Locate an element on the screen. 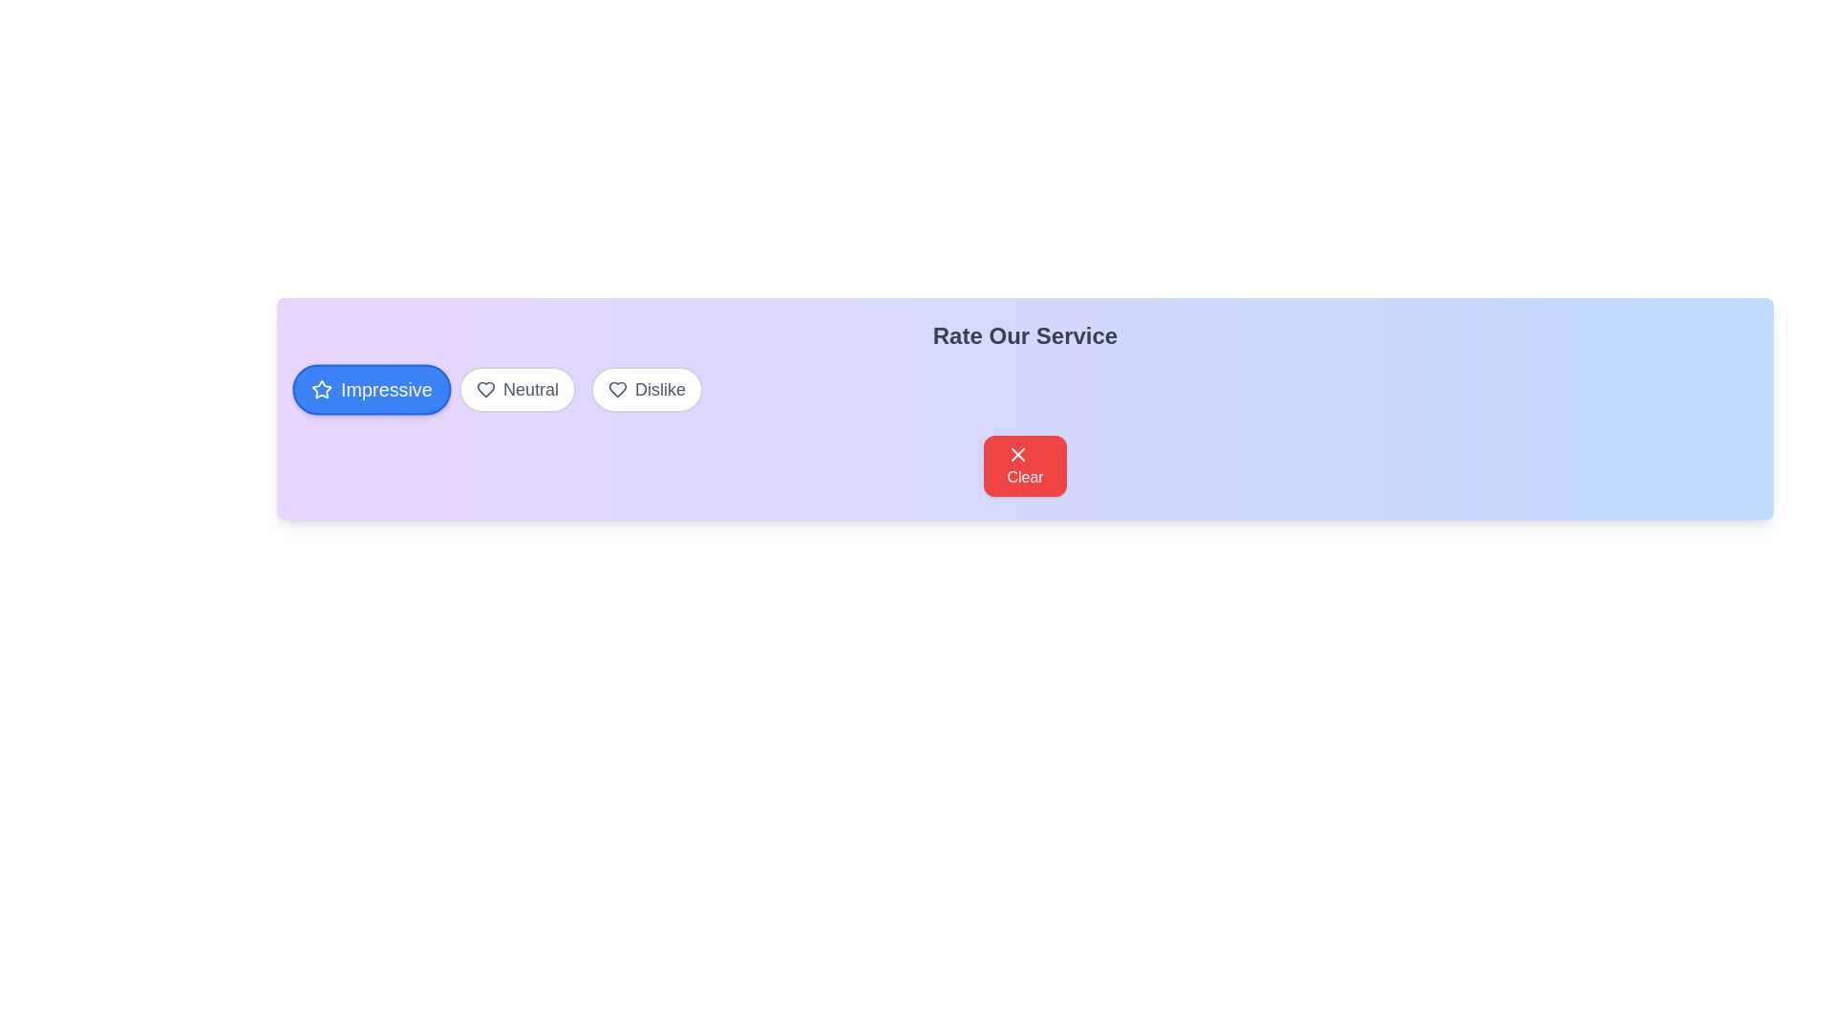 This screenshot has height=1032, width=1834. the button labeled Impressive to observe its hover effect is located at coordinates (372, 389).